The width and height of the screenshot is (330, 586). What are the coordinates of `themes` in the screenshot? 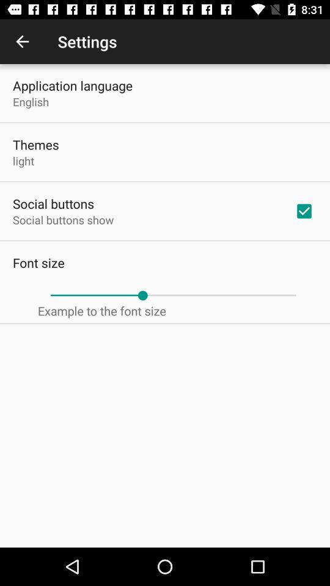 It's located at (35, 145).